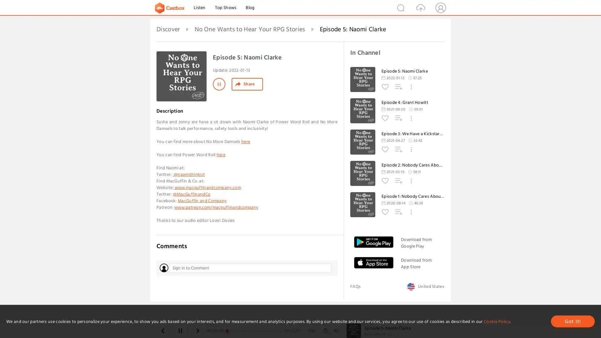 This screenshot has width=601, height=338. I want to click on Got it!, so click(573, 321).